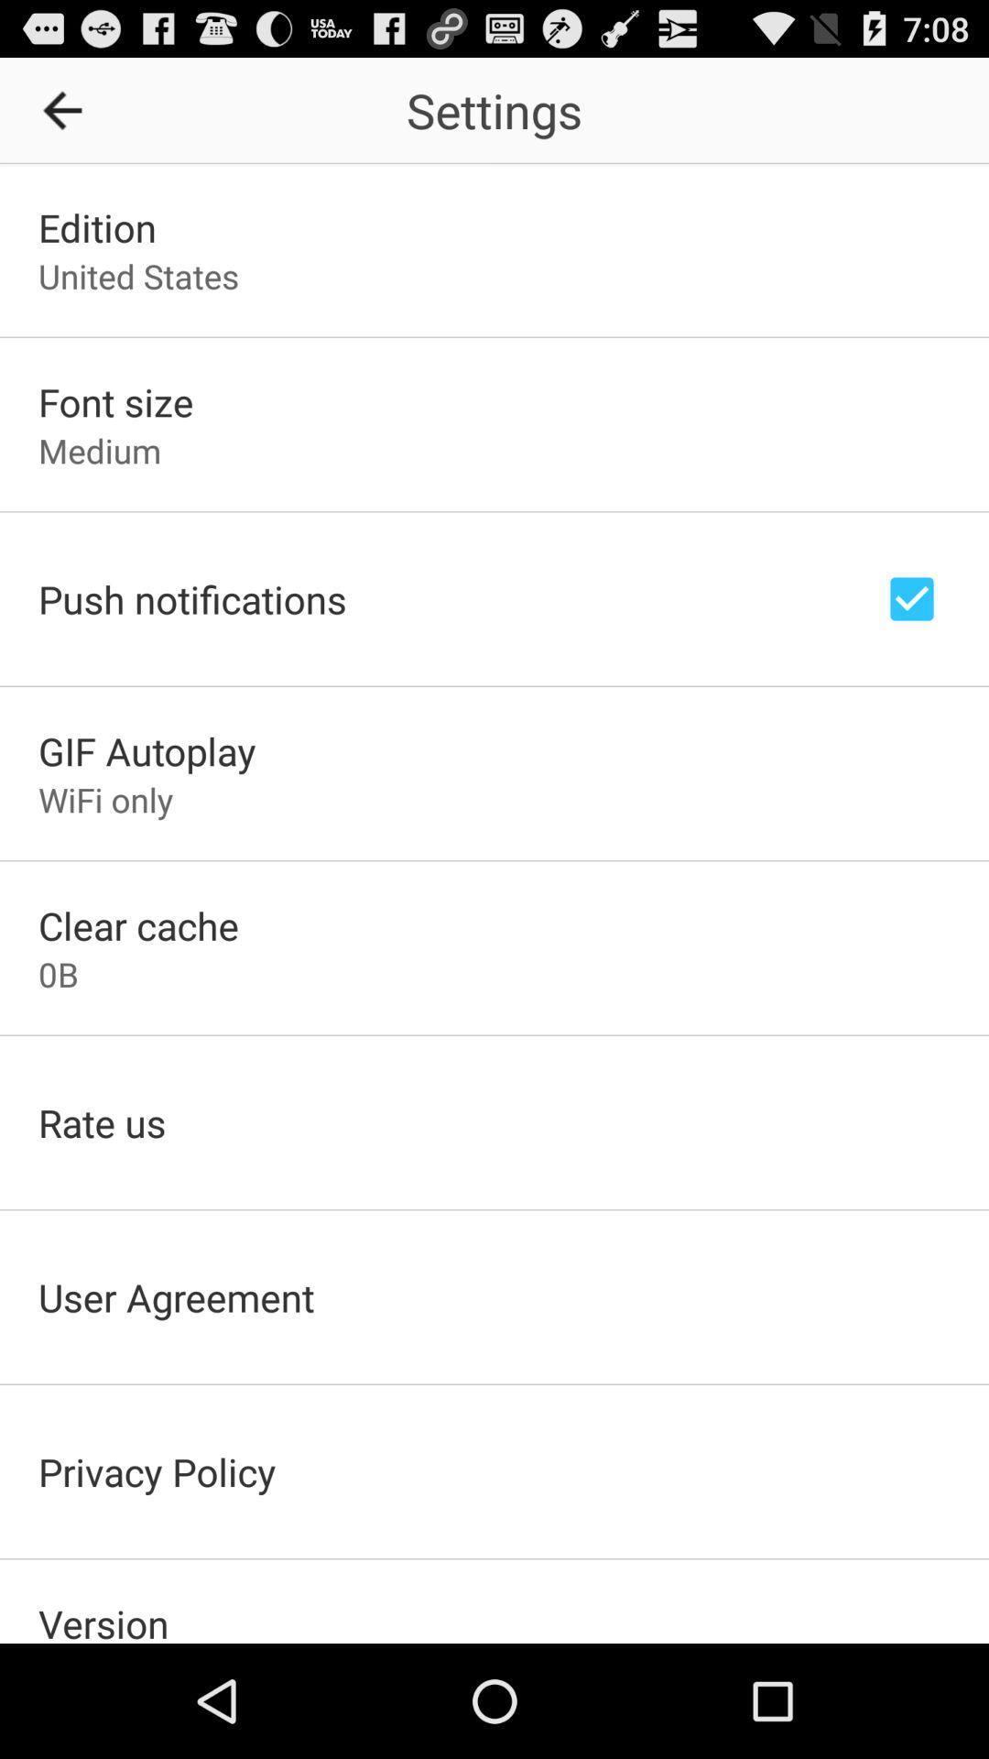 The width and height of the screenshot is (989, 1759). I want to click on notifications, so click(911, 598).